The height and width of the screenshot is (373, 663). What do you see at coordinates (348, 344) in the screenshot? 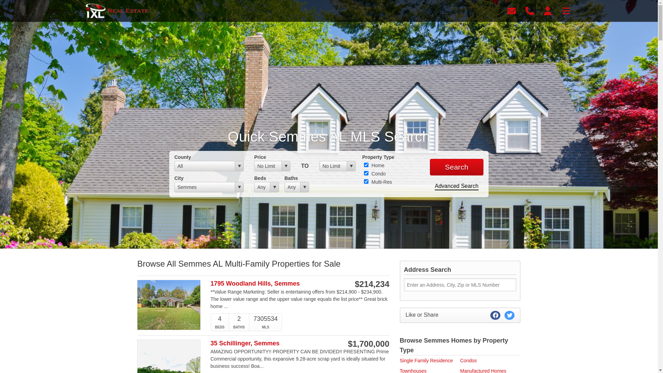
I see `'$1,700,000'` at bounding box center [348, 344].